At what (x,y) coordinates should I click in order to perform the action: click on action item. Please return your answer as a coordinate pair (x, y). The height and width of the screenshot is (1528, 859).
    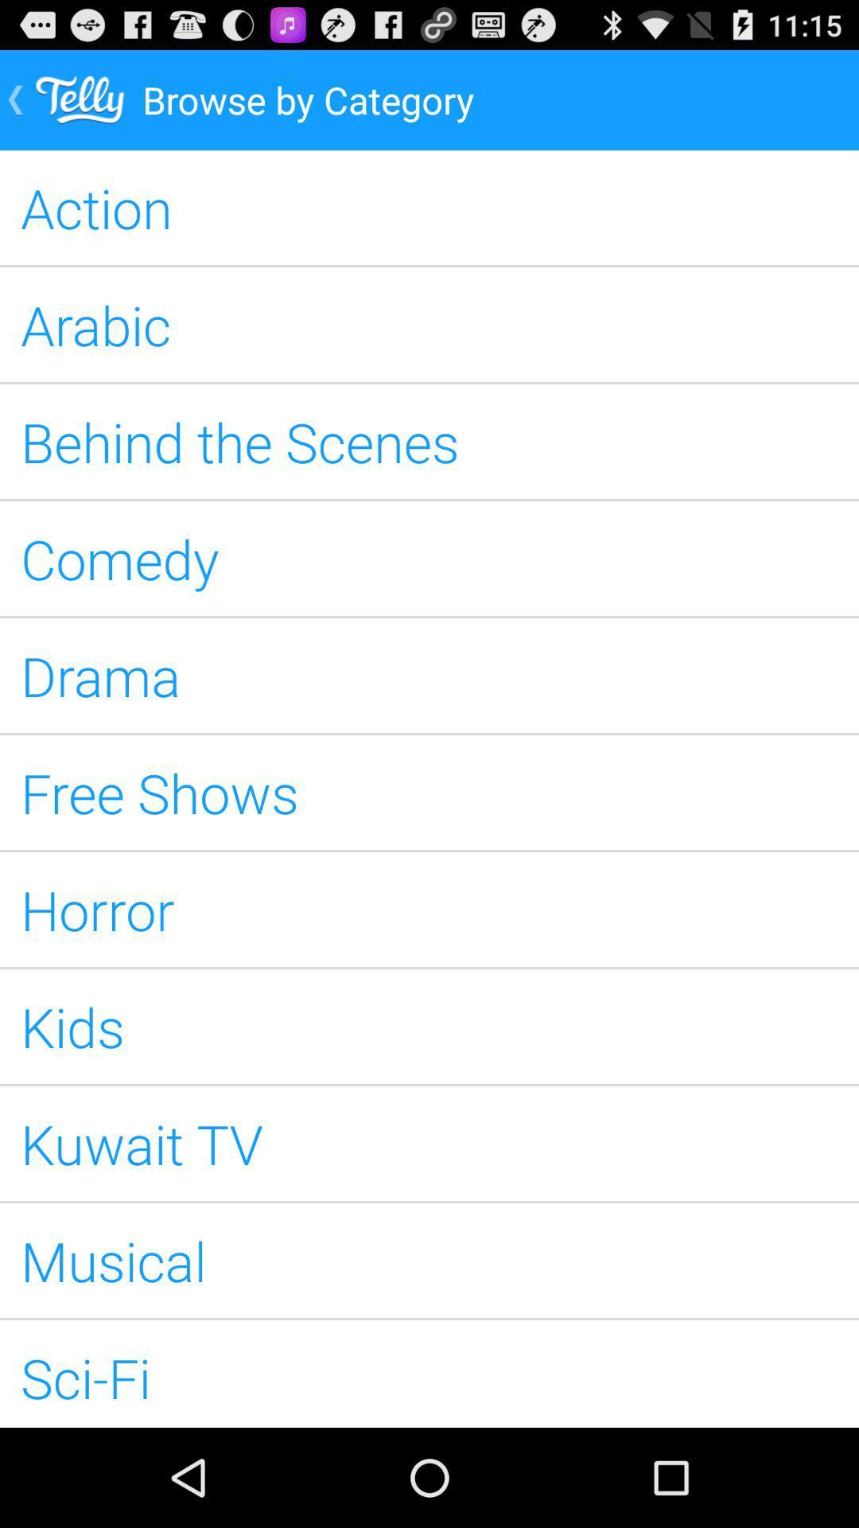
    Looking at the image, I should click on (429, 206).